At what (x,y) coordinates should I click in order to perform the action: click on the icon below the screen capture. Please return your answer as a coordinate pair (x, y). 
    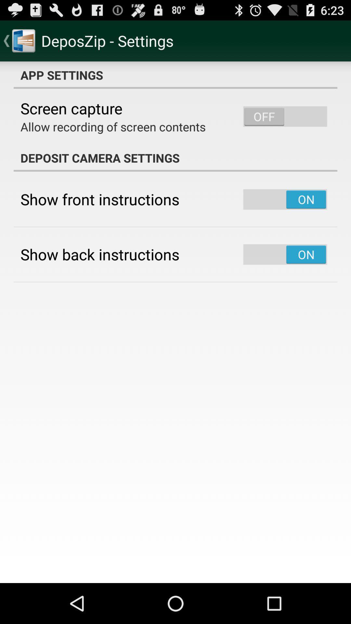
    Looking at the image, I should click on (112, 126).